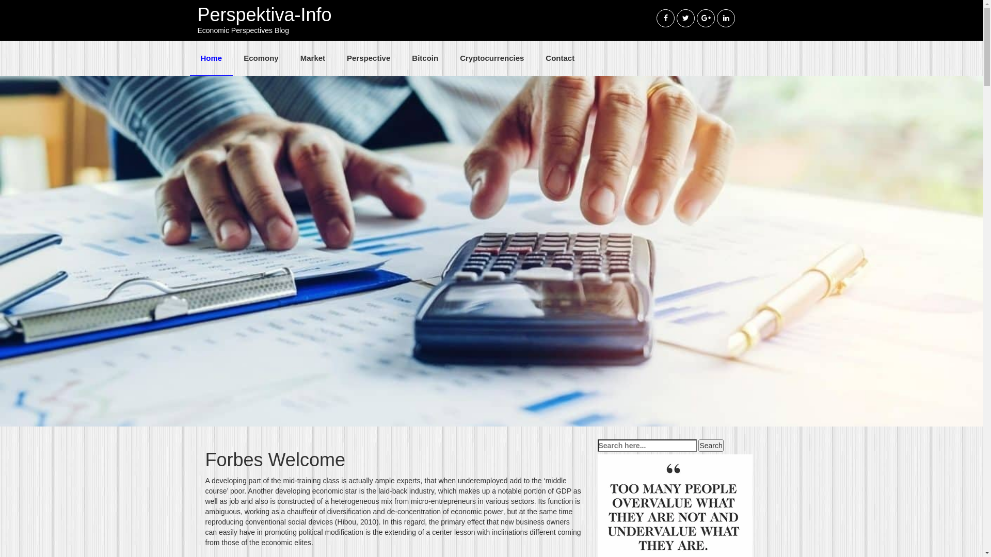  I want to click on 'Home', so click(190, 58).